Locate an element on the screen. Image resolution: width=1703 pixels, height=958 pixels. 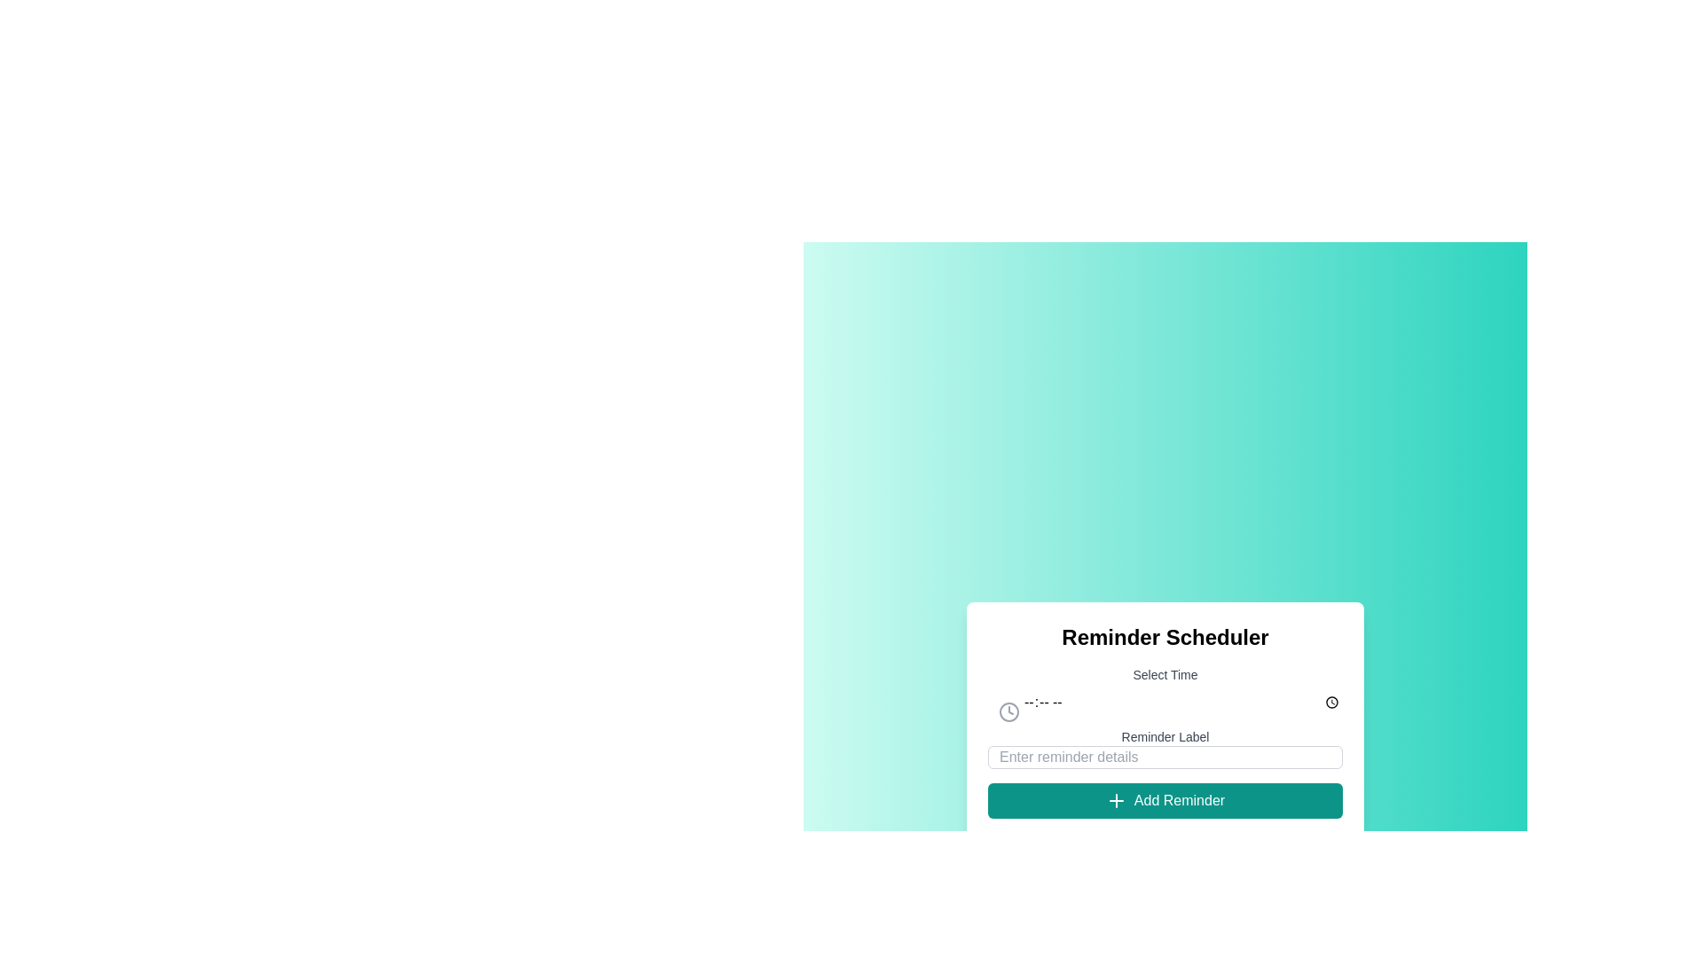
the SVG graphical element that serves as part of a visual clock icon, located above the time selection interface and to the left of the displayed digital time is located at coordinates (1008, 711).